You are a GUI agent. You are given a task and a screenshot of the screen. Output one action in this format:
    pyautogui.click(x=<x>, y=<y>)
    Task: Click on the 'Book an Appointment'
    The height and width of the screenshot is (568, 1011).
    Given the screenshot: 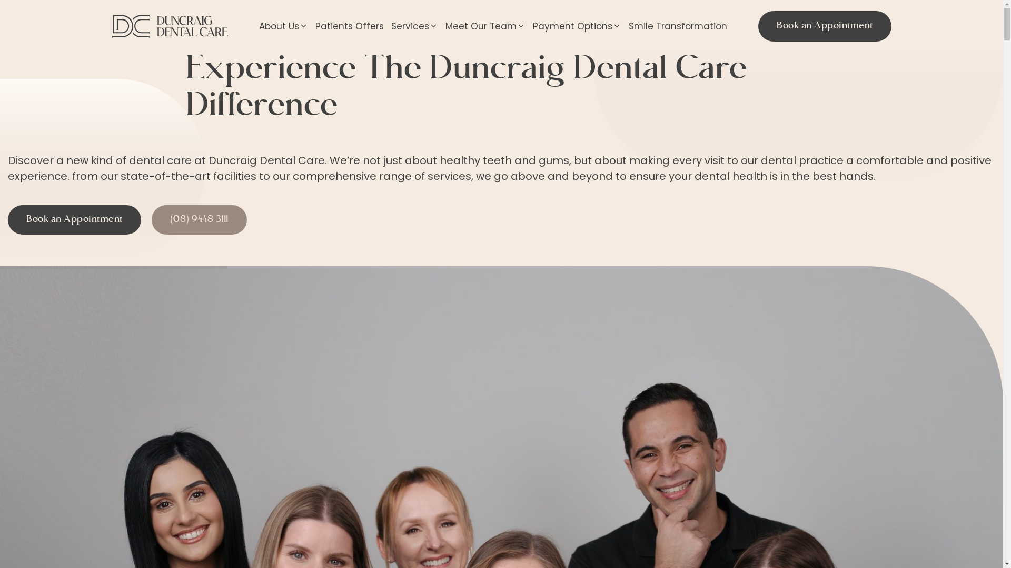 What is the action you would take?
    pyautogui.click(x=74, y=219)
    